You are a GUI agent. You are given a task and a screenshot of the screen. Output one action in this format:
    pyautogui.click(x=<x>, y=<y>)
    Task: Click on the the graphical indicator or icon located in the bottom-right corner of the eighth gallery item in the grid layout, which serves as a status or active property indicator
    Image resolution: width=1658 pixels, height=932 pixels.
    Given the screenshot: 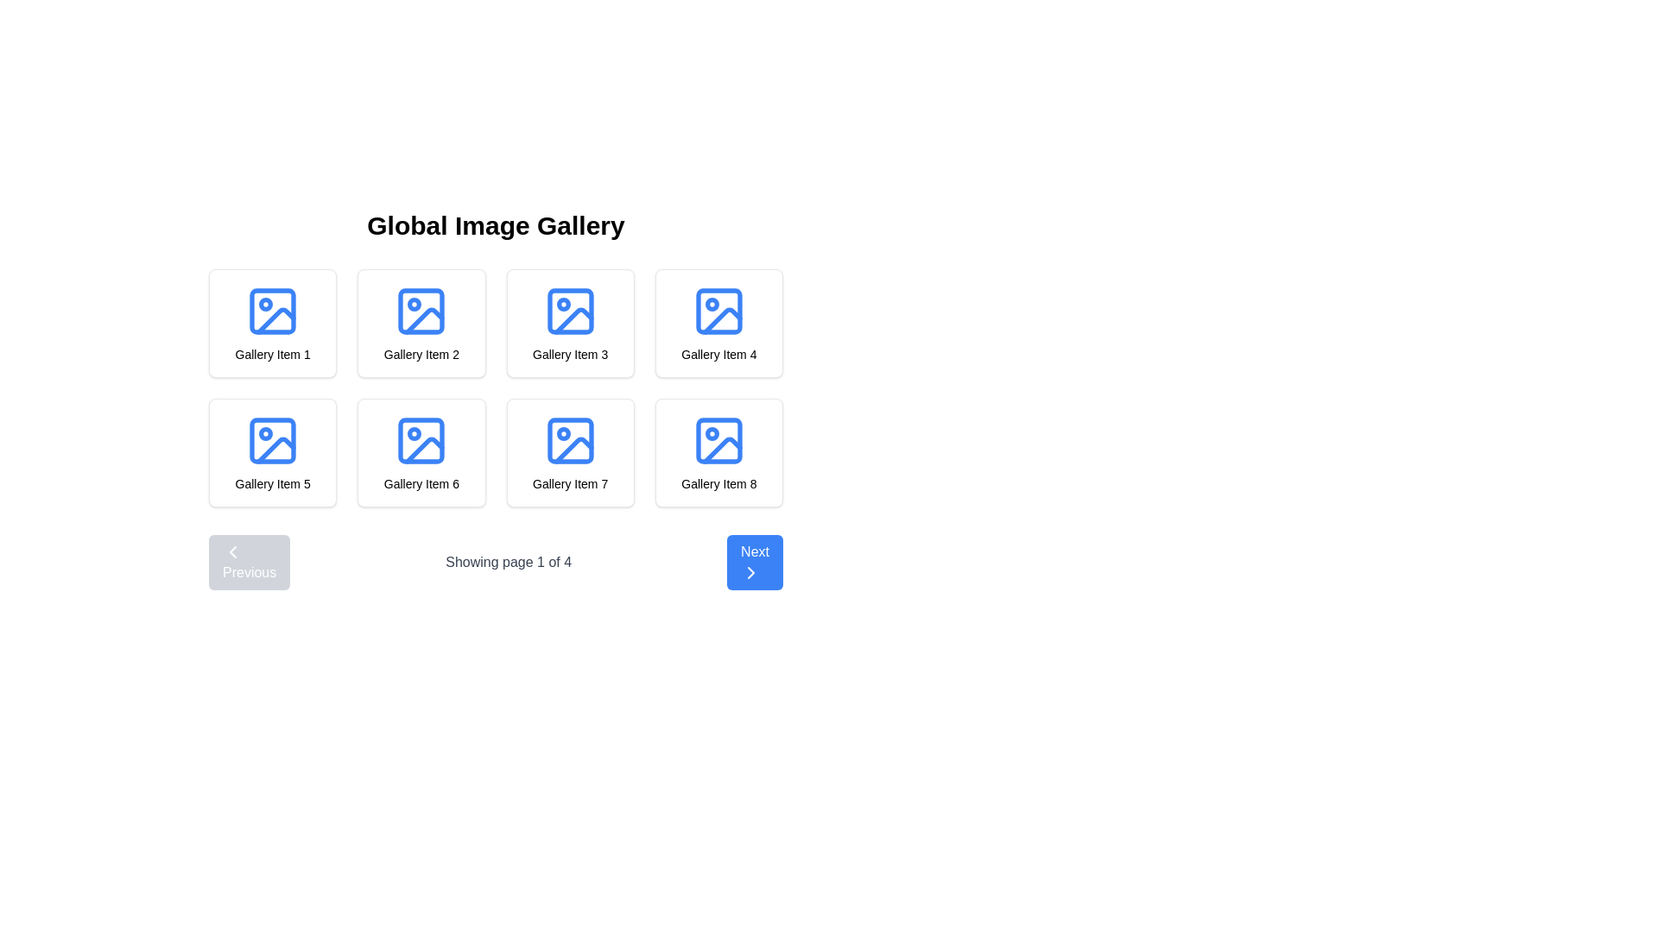 What is the action you would take?
    pyautogui.click(x=712, y=432)
    